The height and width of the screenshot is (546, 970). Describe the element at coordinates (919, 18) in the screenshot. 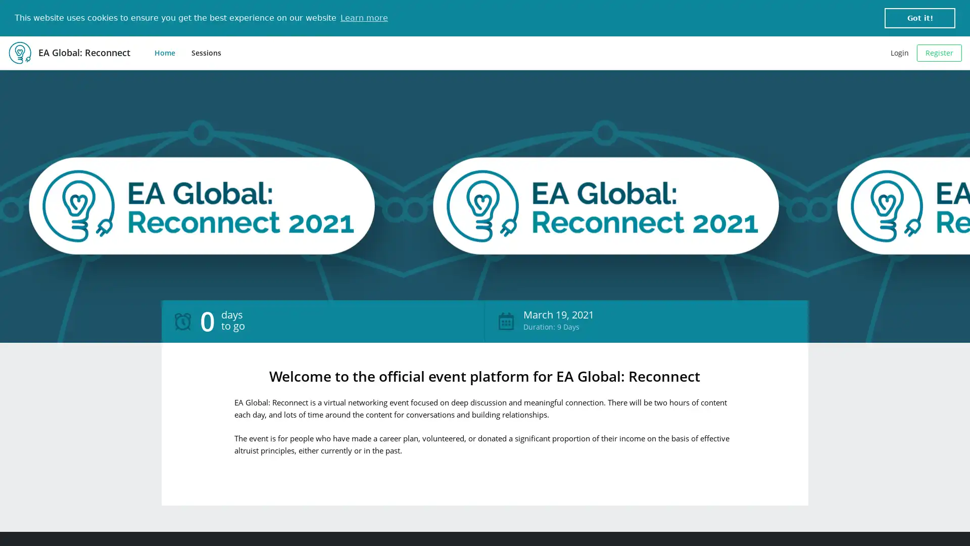

I see `dismiss cookie message` at that location.